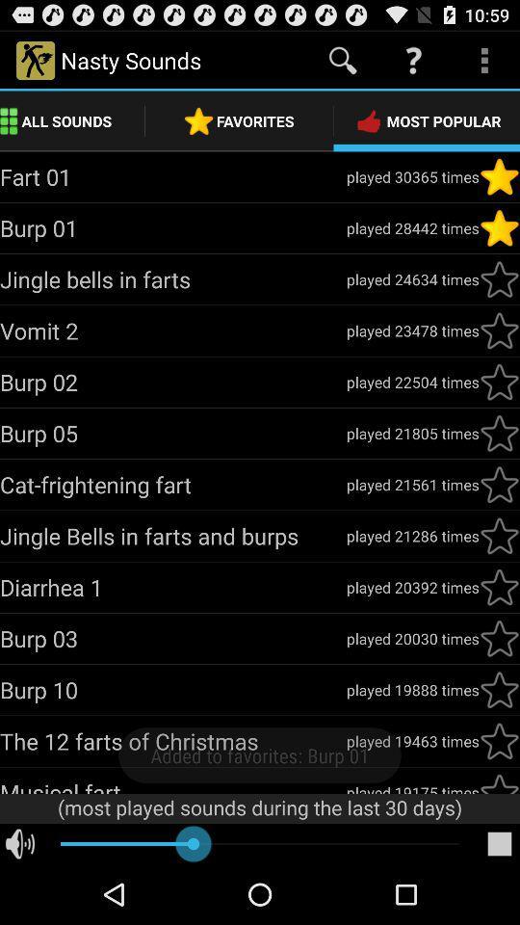 The height and width of the screenshot is (925, 520). Describe the element at coordinates (499, 586) in the screenshot. I see `to favorite` at that location.